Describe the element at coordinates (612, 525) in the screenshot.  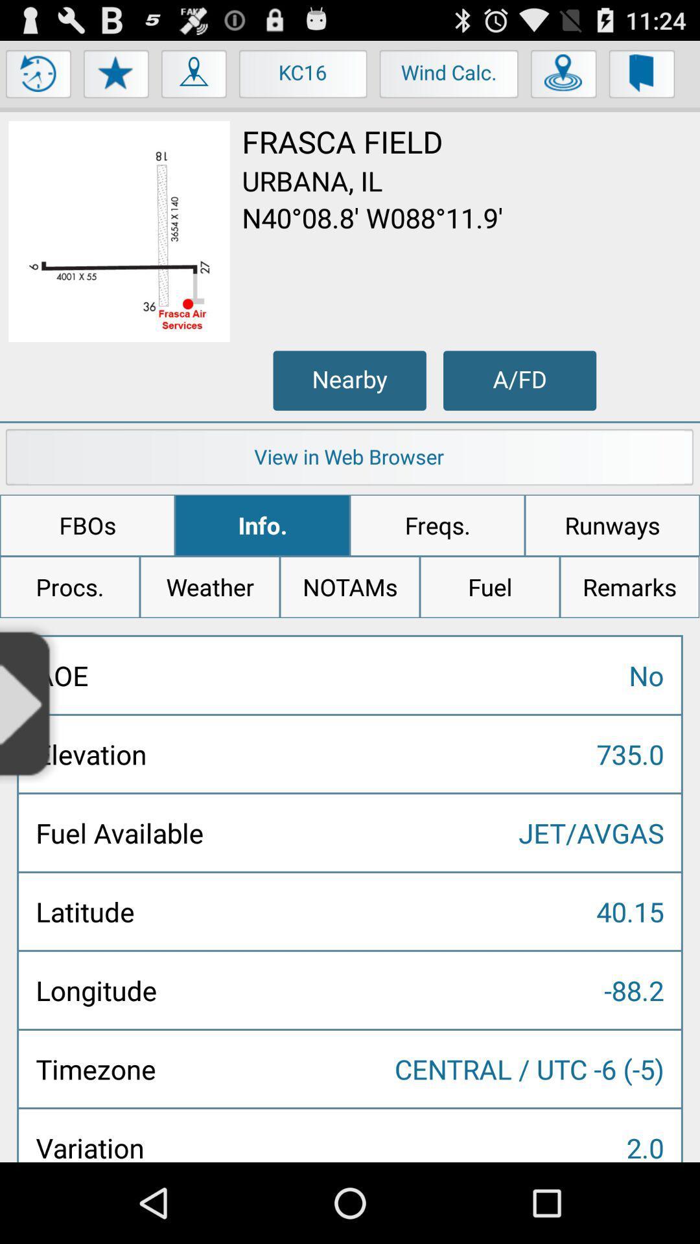
I see `app next to the freqs. item` at that location.